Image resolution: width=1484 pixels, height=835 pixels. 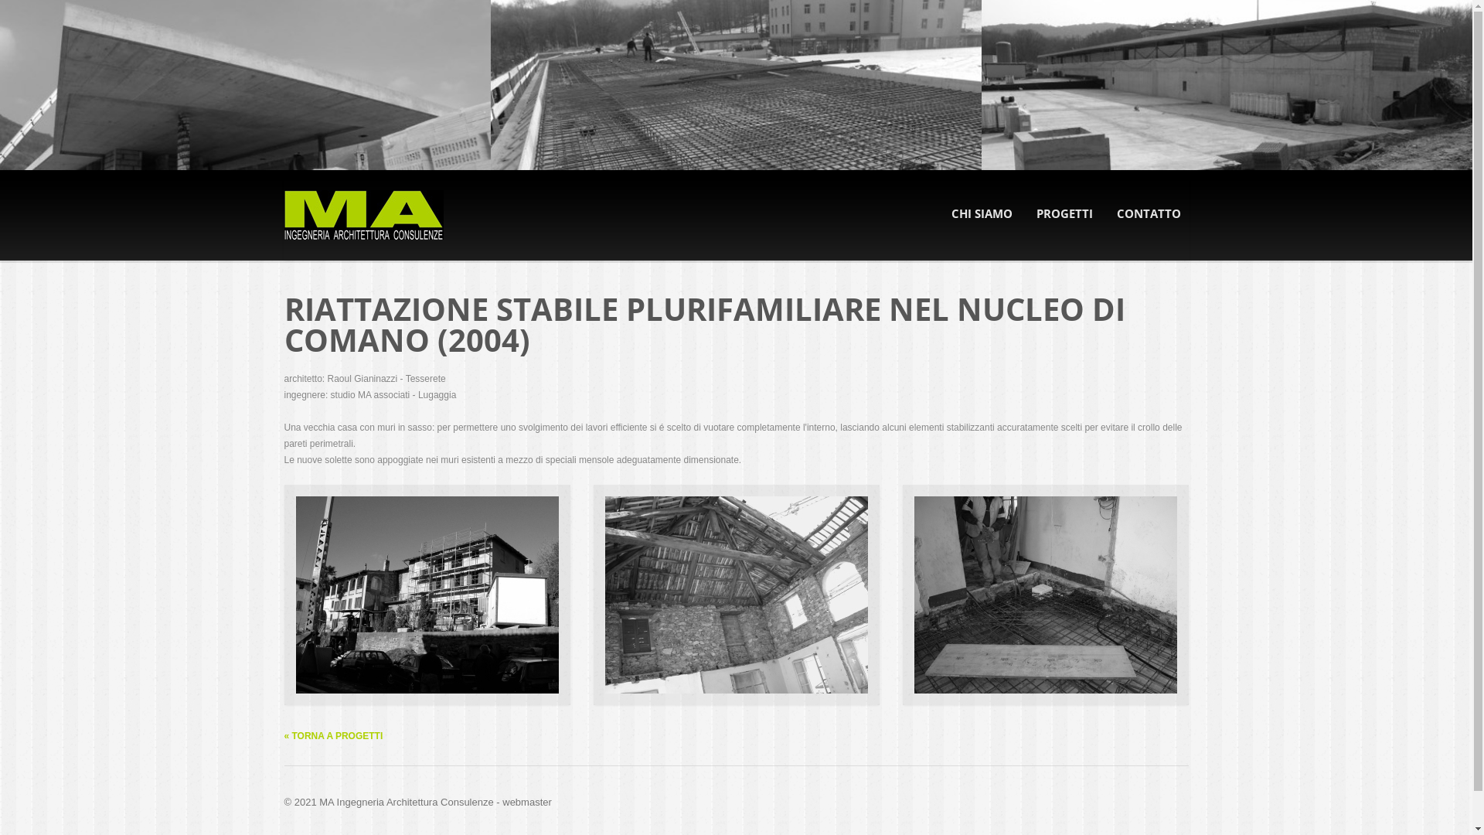 What do you see at coordinates (1108, 213) in the screenshot?
I see `'CONTATTO` at bounding box center [1108, 213].